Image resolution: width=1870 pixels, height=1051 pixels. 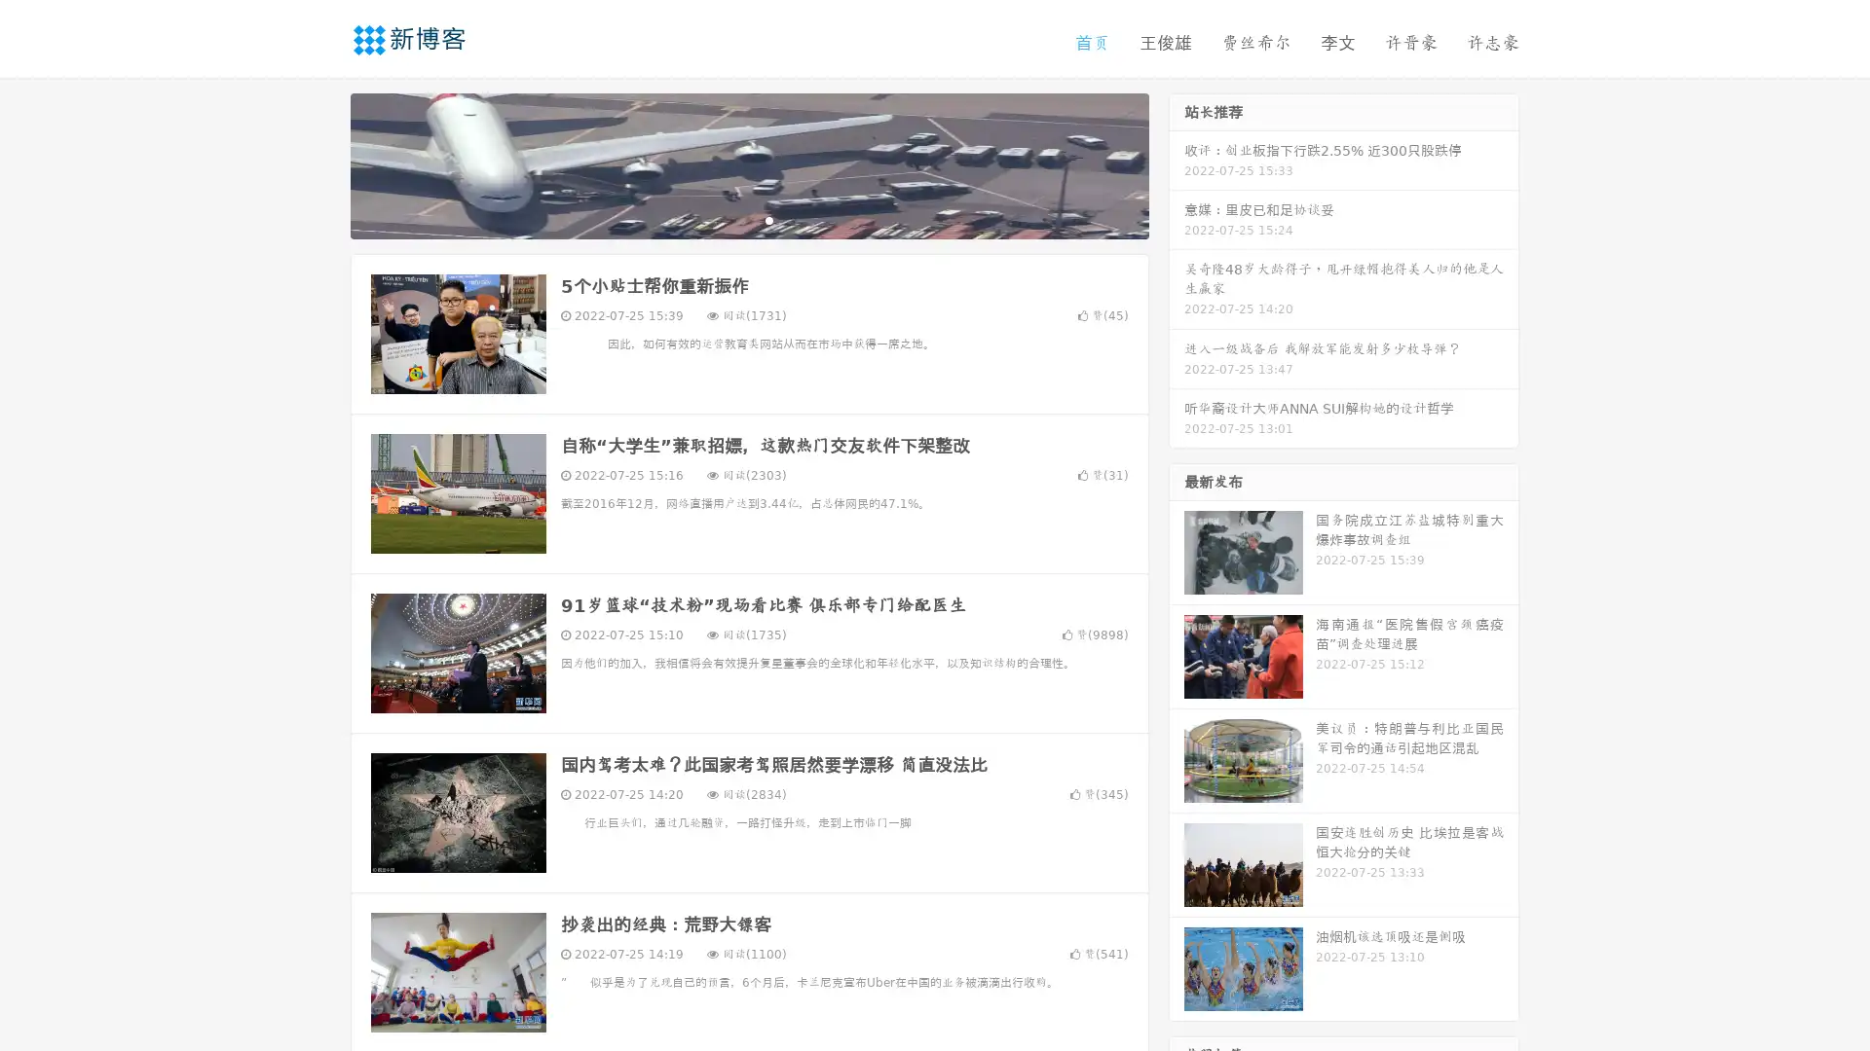 I want to click on Go to slide 2, so click(x=748, y=219).